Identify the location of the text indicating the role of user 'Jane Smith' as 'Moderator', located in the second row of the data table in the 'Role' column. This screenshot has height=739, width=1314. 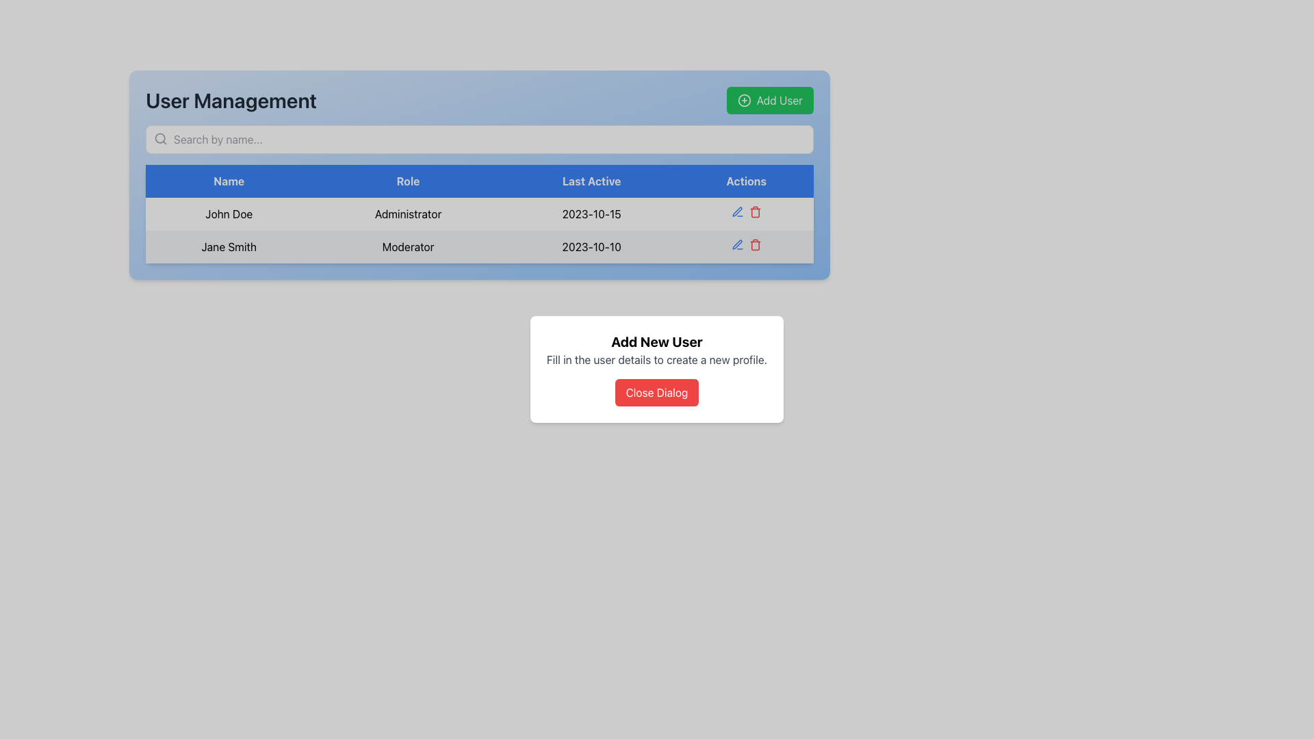
(407, 247).